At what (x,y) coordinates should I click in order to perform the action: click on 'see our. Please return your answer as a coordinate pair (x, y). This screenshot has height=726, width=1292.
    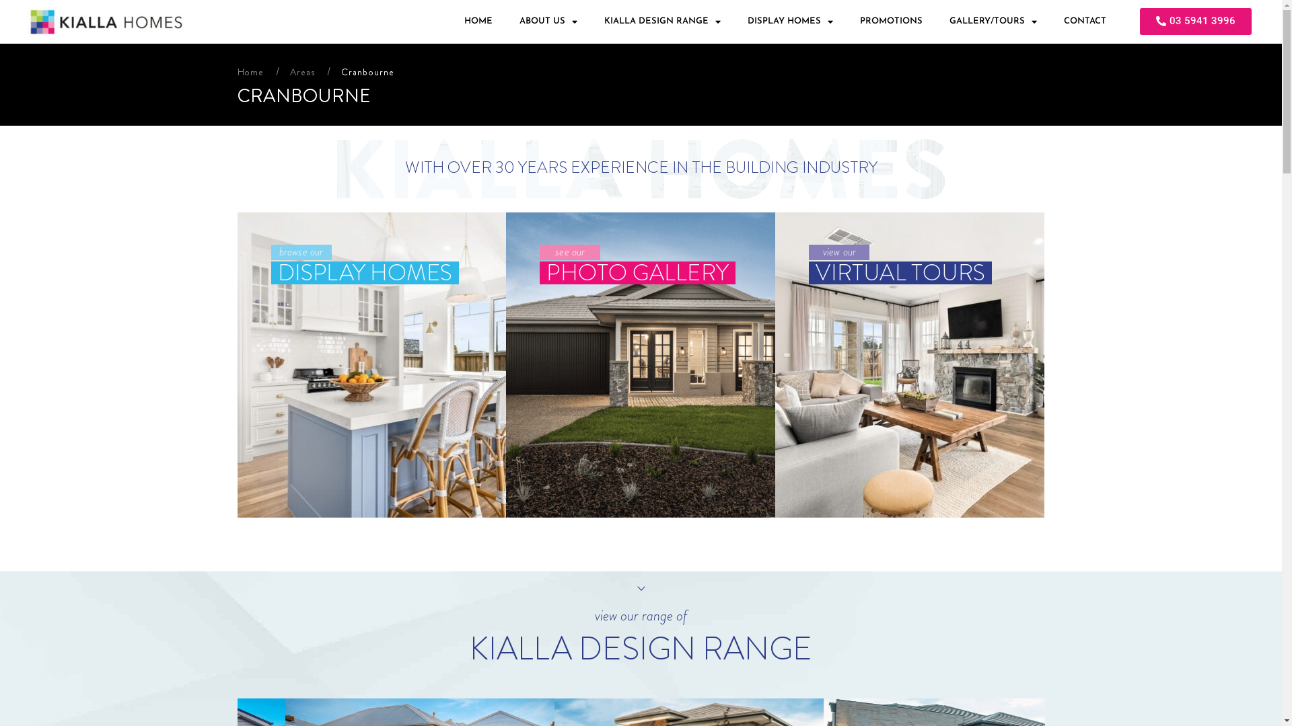
    Looking at the image, I should click on (639, 365).